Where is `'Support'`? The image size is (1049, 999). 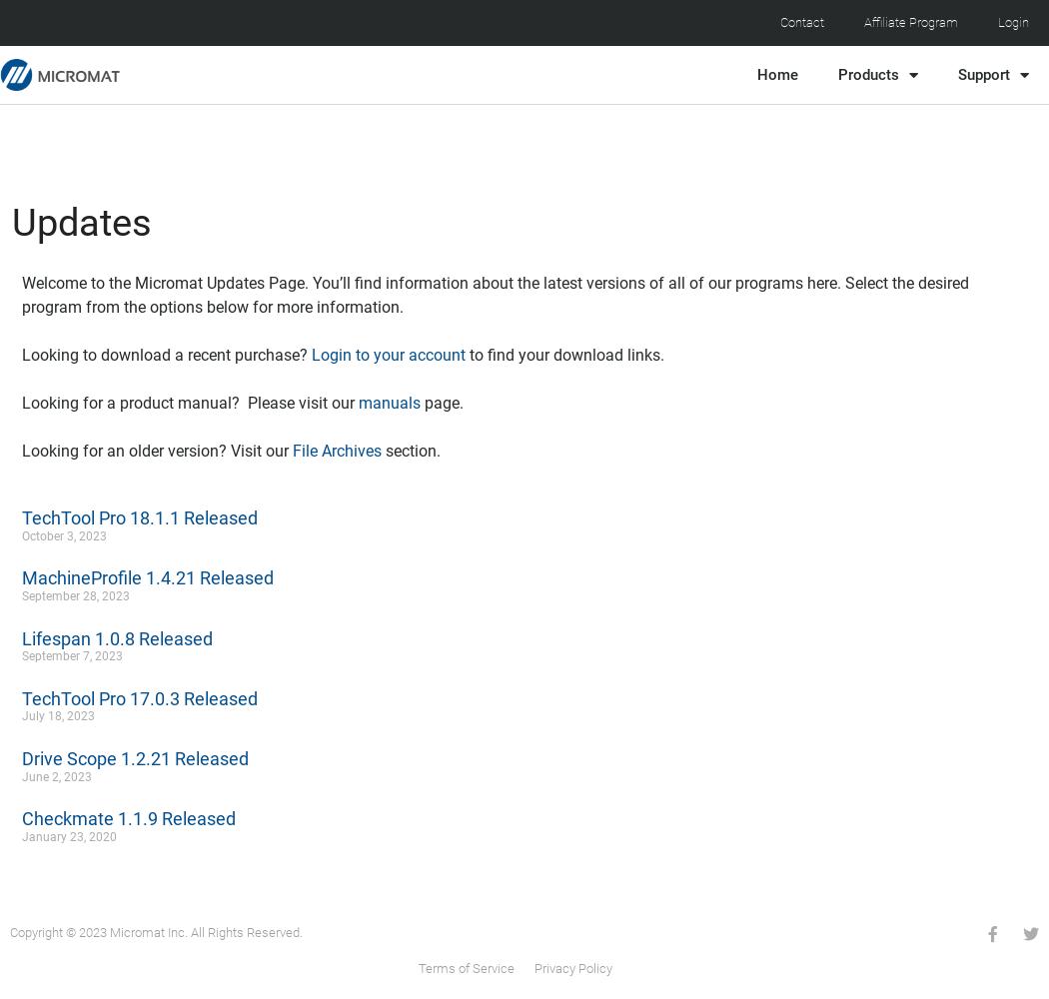 'Support' is located at coordinates (956, 74).